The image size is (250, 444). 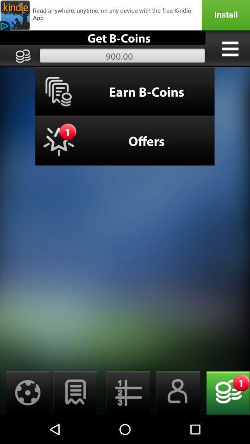 I want to click on menu option, so click(x=230, y=49).